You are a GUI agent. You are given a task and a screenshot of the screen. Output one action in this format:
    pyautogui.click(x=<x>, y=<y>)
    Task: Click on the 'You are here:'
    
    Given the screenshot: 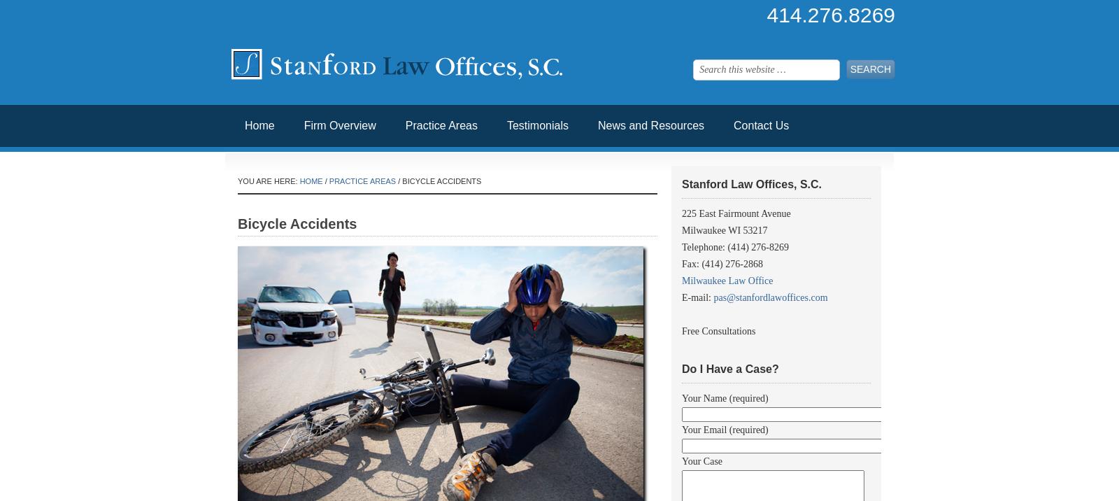 What is the action you would take?
    pyautogui.click(x=238, y=181)
    